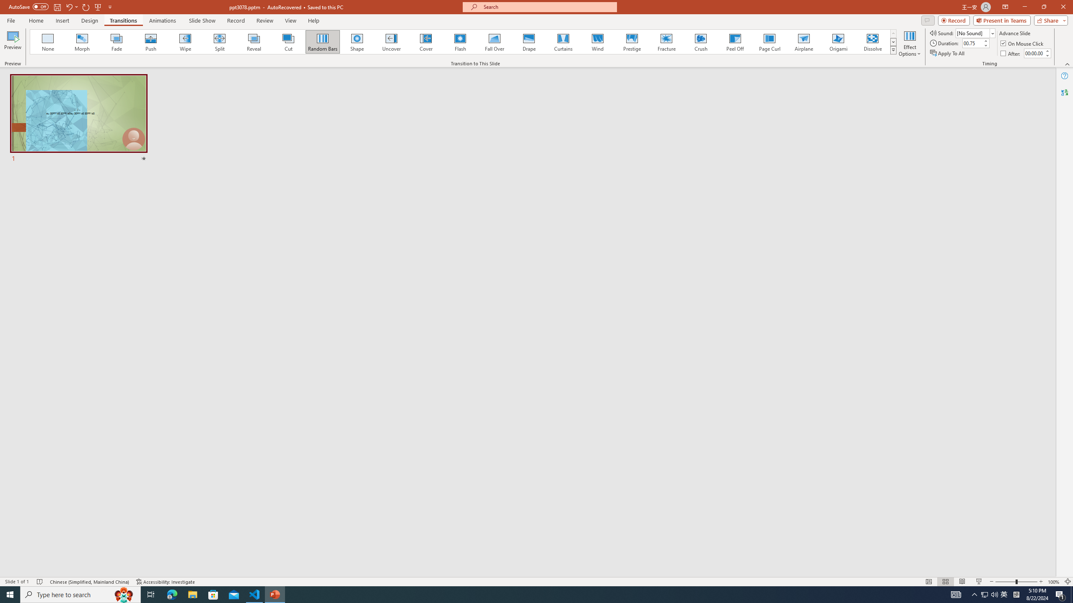 The height and width of the screenshot is (603, 1073). Describe the element at coordinates (700, 41) in the screenshot. I see `'Crush'` at that location.